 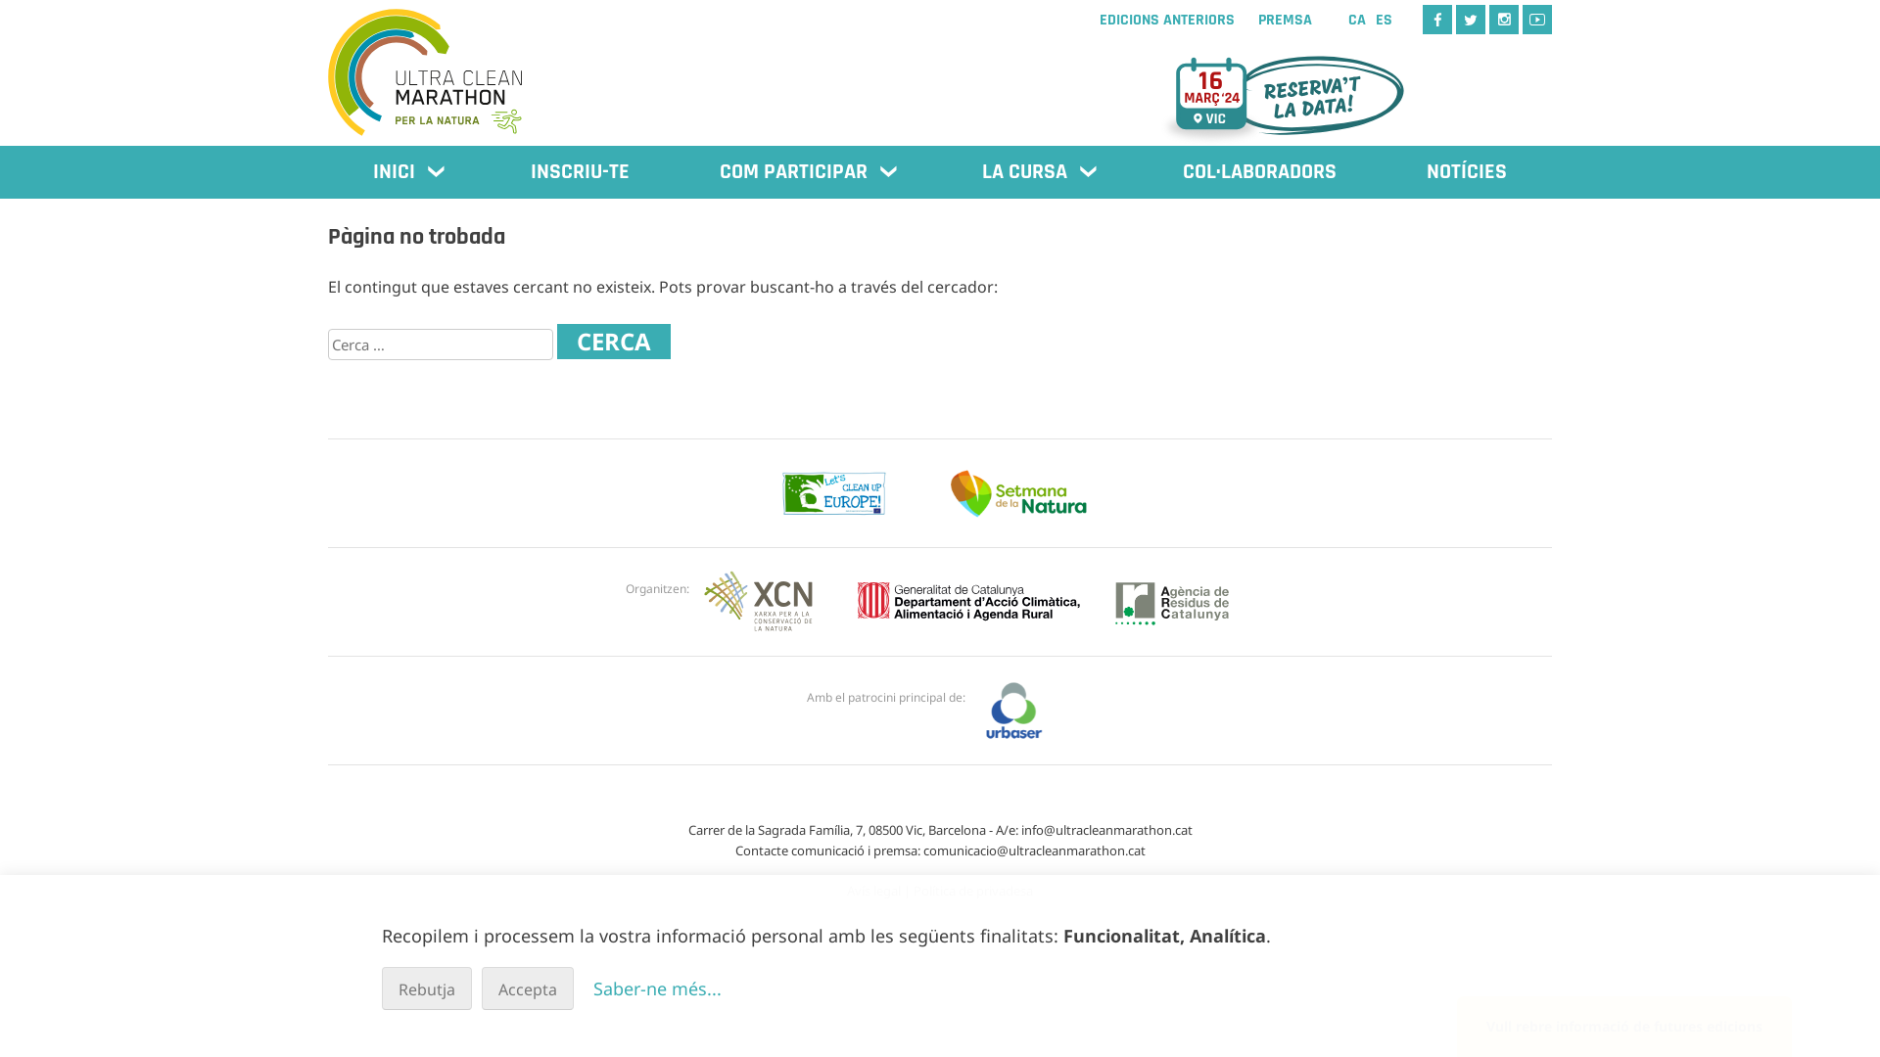 What do you see at coordinates (1036, 171) in the screenshot?
I see `'LA CURSA'` at bounding box center [1036, 171].